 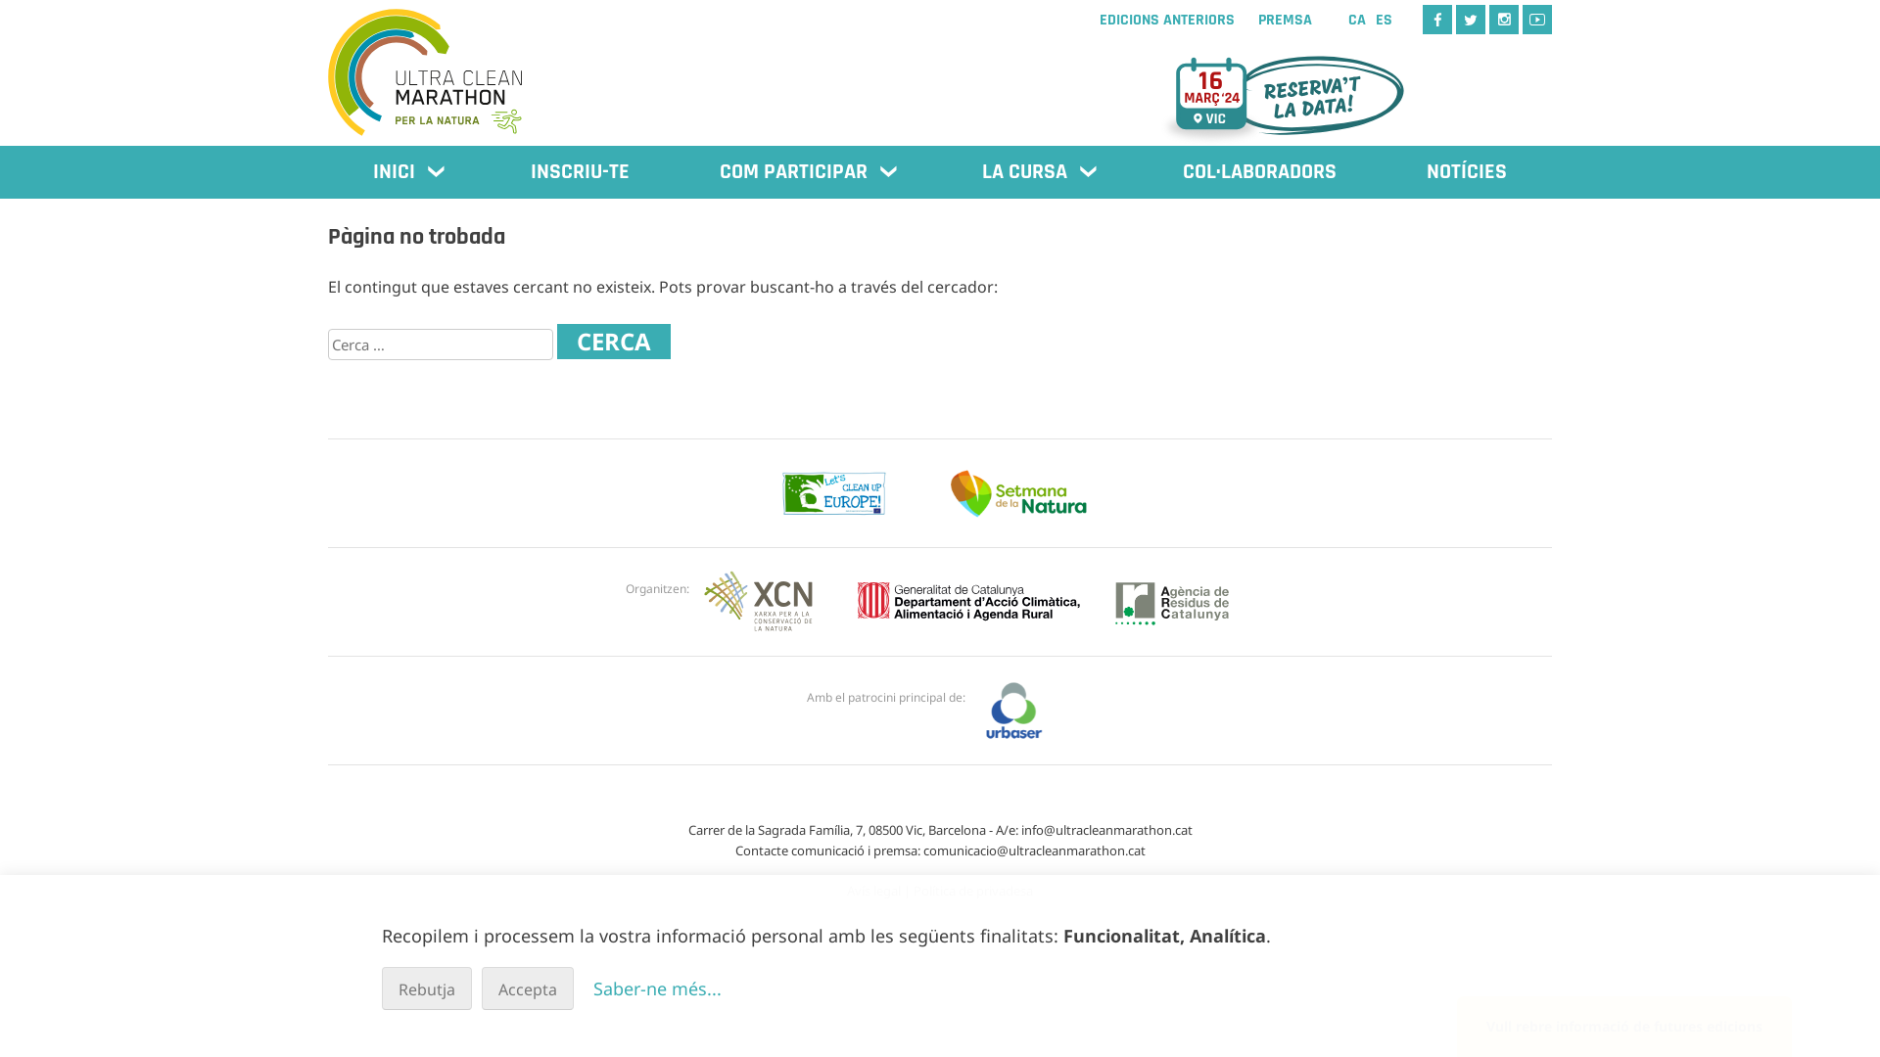 What do you see at coordinates (1036, 171) in the screenshot?
I see `'LA CURSA'` at bounding box center [1036, 171].